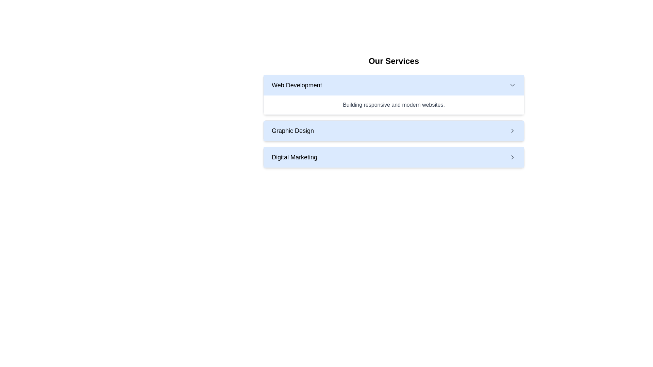 The height and width of the screenshot is (367, 653). What do you see at coordinates (394, 105) in the screenshot?
I see `the Text Label displaying the description related to 'Web Development', which is part of a collapsible panel under the 'Our Services' header` at bounding box center [394, 105].